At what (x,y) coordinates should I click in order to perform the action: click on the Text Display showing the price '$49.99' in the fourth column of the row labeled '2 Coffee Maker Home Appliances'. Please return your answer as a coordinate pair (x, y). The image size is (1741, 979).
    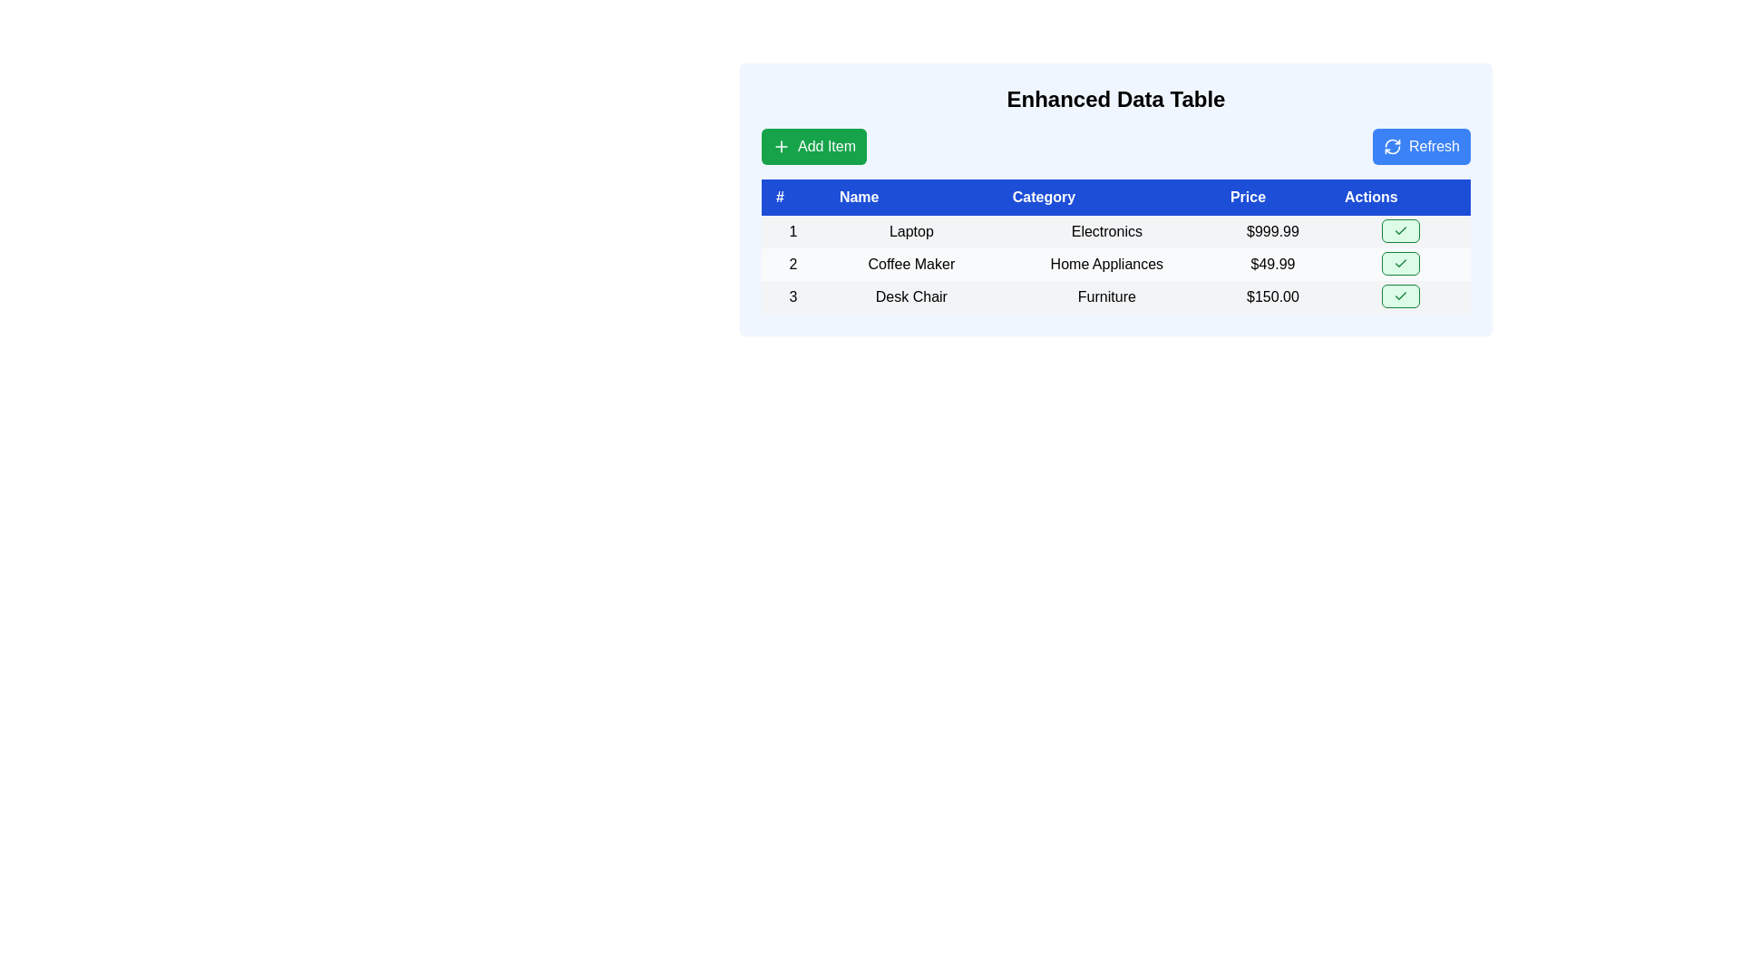
    Looking at the image, I should click on (1271, 265).